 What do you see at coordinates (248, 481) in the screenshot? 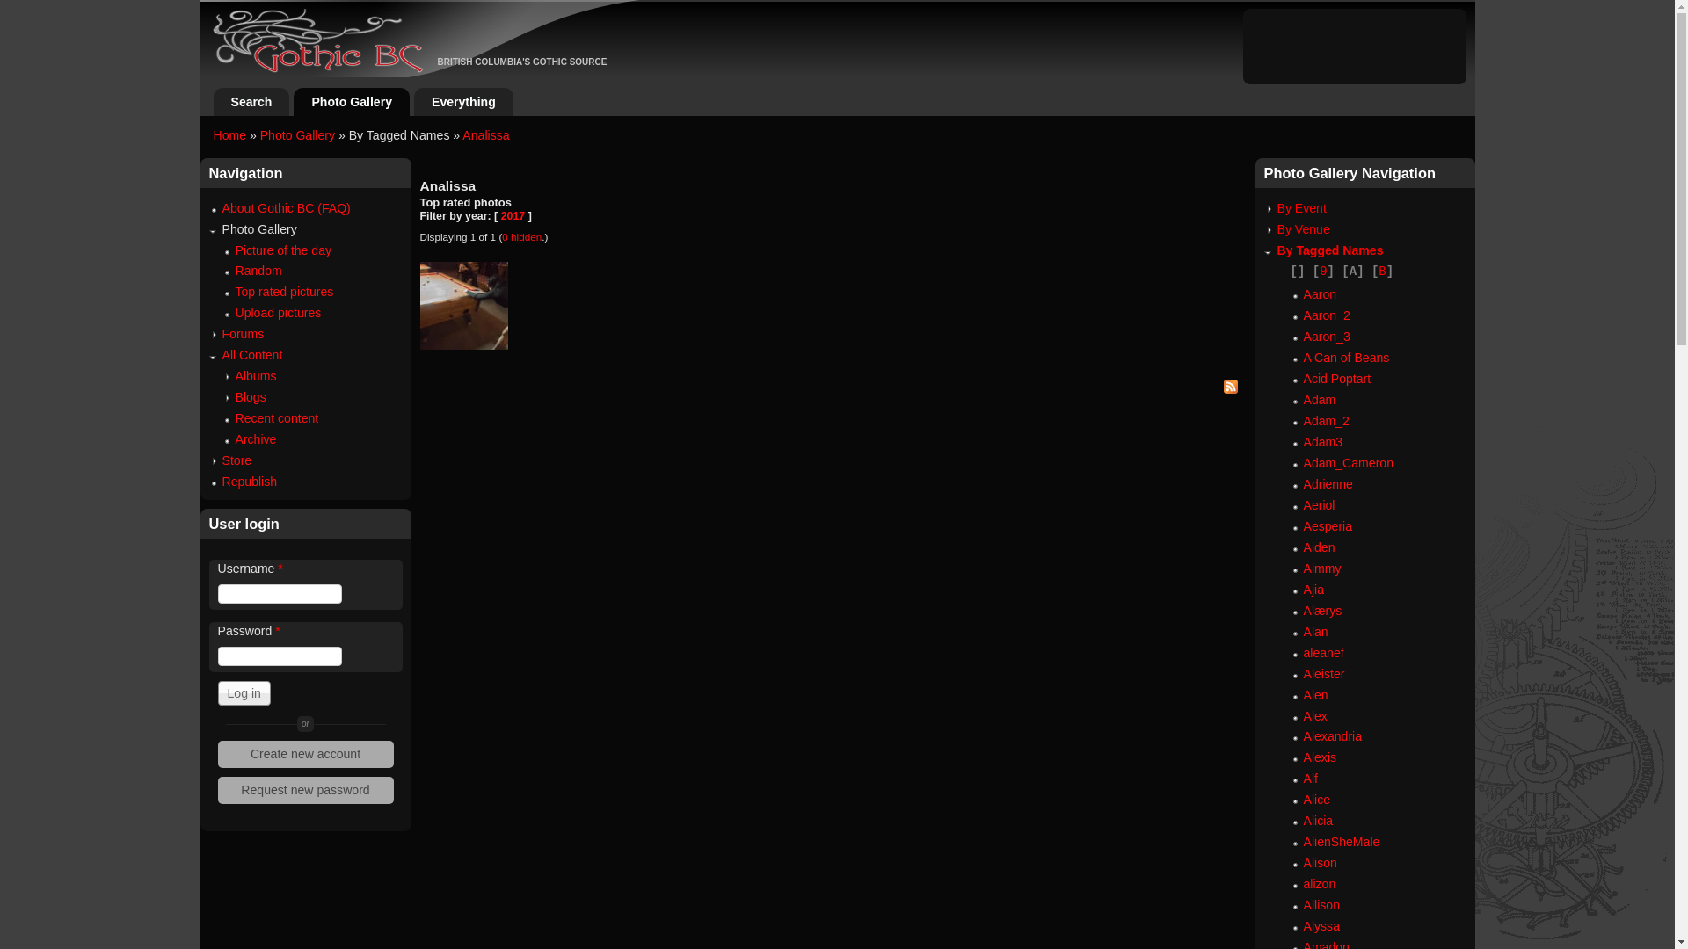
I see `'Republish'` at bounding box center [248, 481].